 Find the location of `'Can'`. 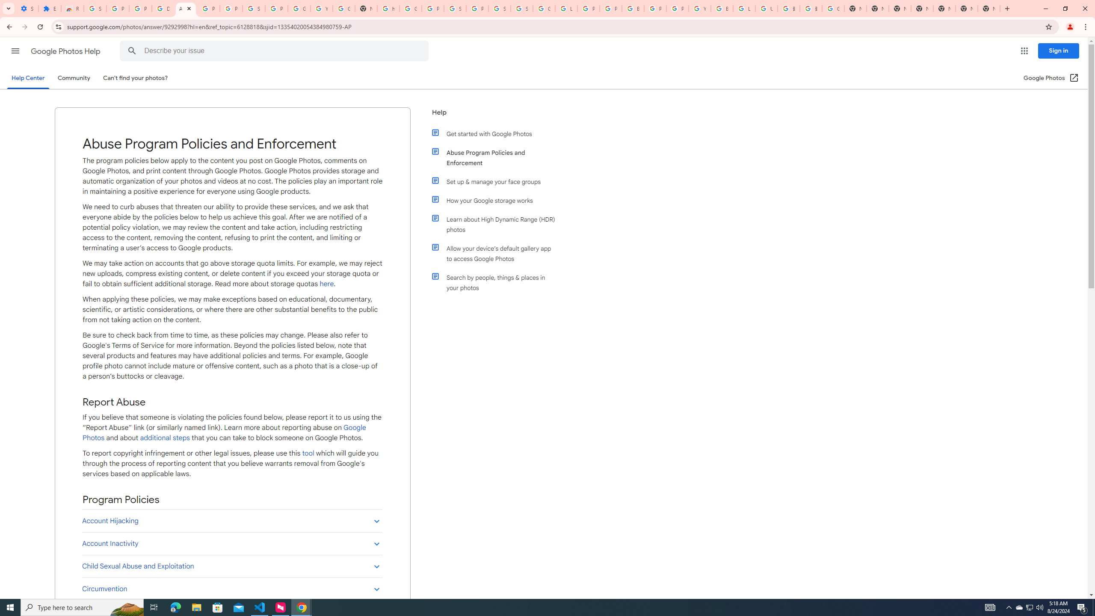

'Can' is located at coordinates (136, 77).